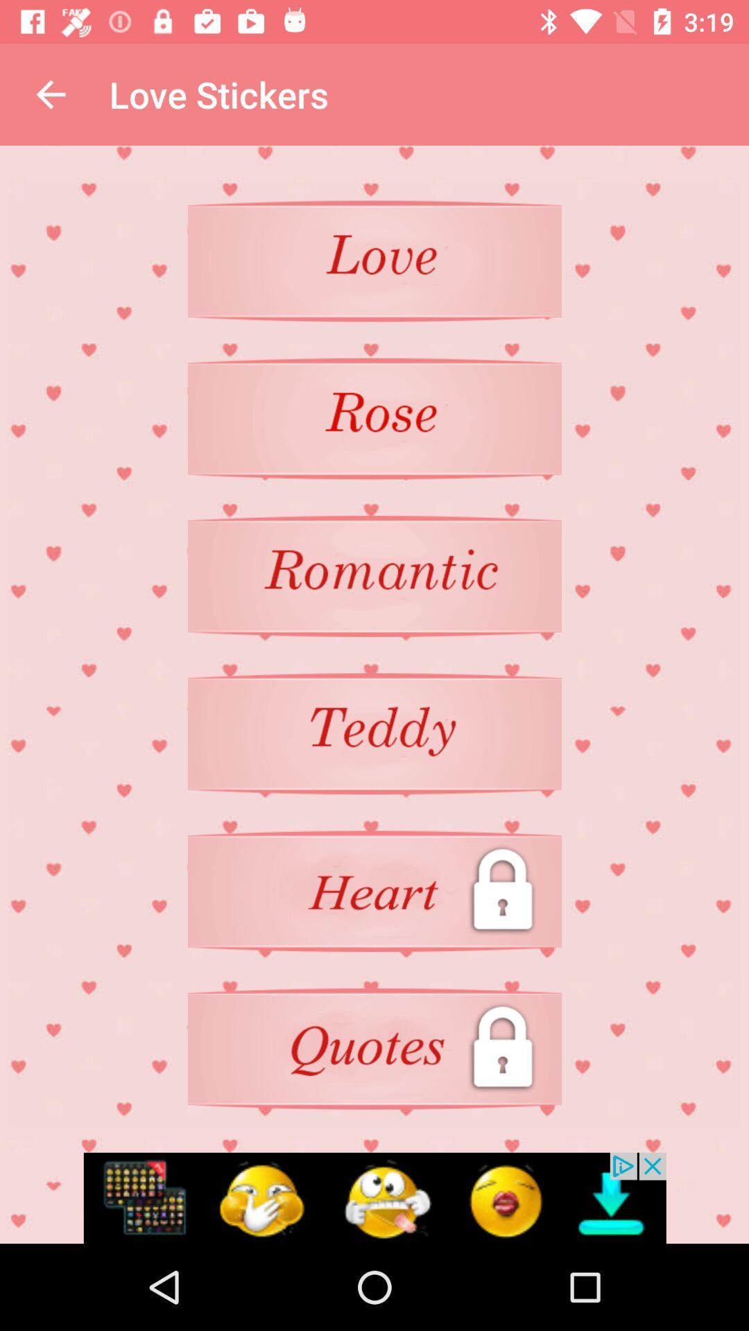 Image resolution: width=749 pixels, height=1331 pixels. I want to click on explore the advertisement, so click(374, 1197).